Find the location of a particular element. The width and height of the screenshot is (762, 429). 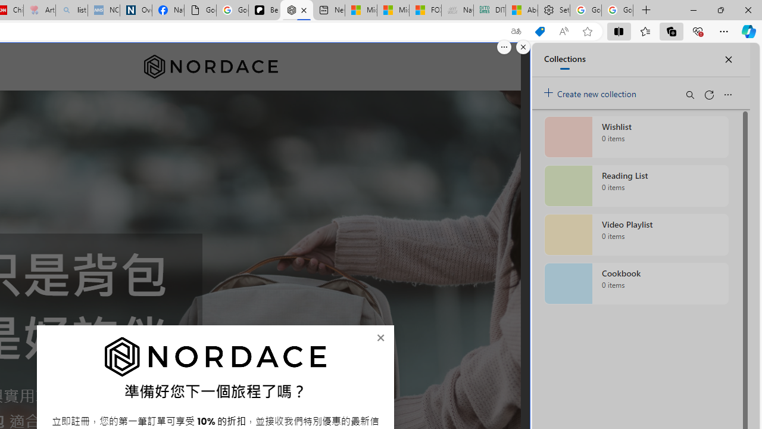

'FOX News - MSN' is located at coordinates (425, 10).